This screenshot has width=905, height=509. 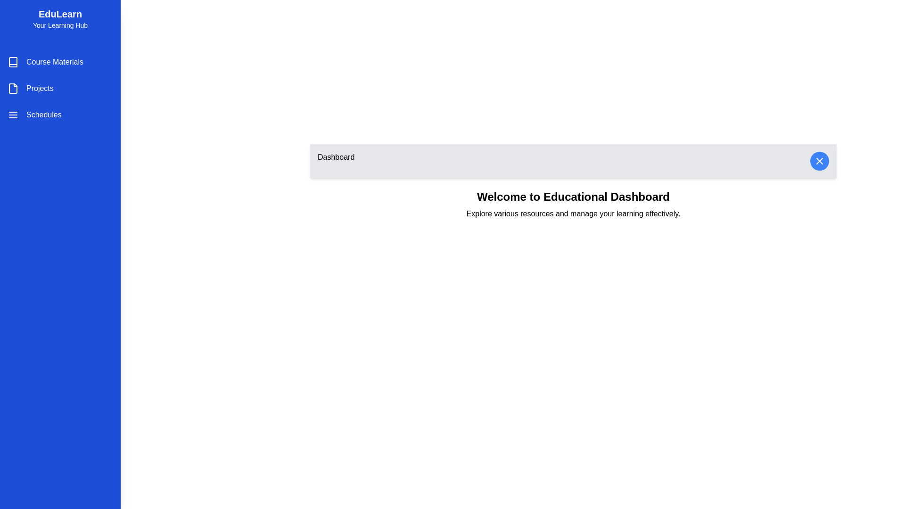 What do you see at coordinates (13, 62) in the screenshot?
I see `the 'Course Materials' icon in the vertical navigation menu under the 'EduLearn' header` at bounding box center [13, 62].